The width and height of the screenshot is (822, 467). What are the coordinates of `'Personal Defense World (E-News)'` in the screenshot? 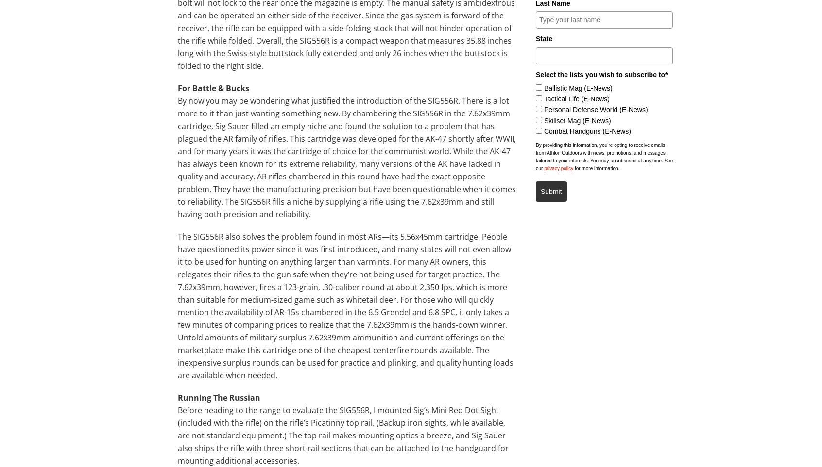 It's located at (596, 110).